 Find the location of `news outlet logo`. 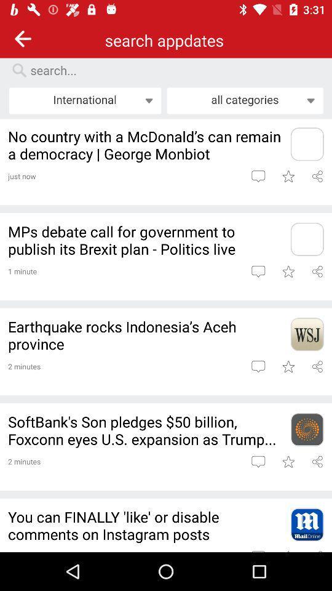

news outlet logo is located at coordinates (306, 144).